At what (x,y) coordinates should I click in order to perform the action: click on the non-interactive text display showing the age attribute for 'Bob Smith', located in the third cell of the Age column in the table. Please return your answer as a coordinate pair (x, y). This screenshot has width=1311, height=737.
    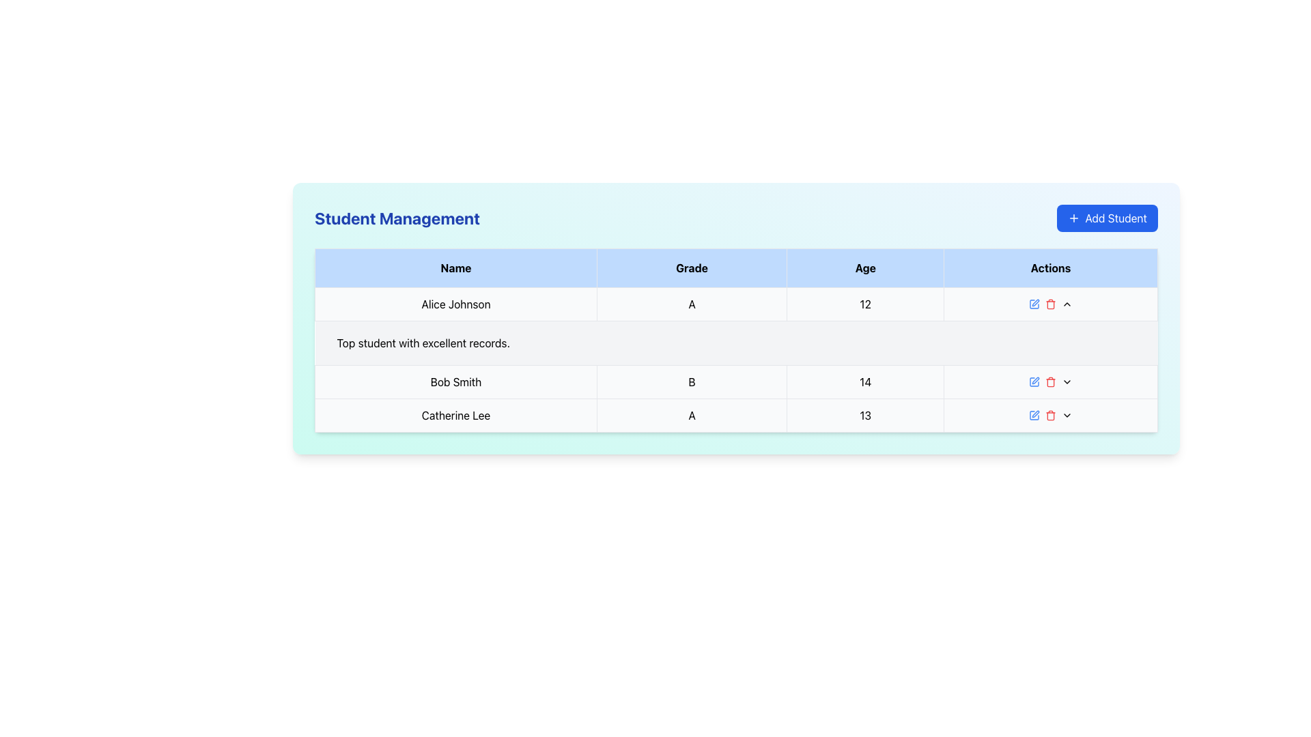
    Looking at the image, I should click on (864, 381).